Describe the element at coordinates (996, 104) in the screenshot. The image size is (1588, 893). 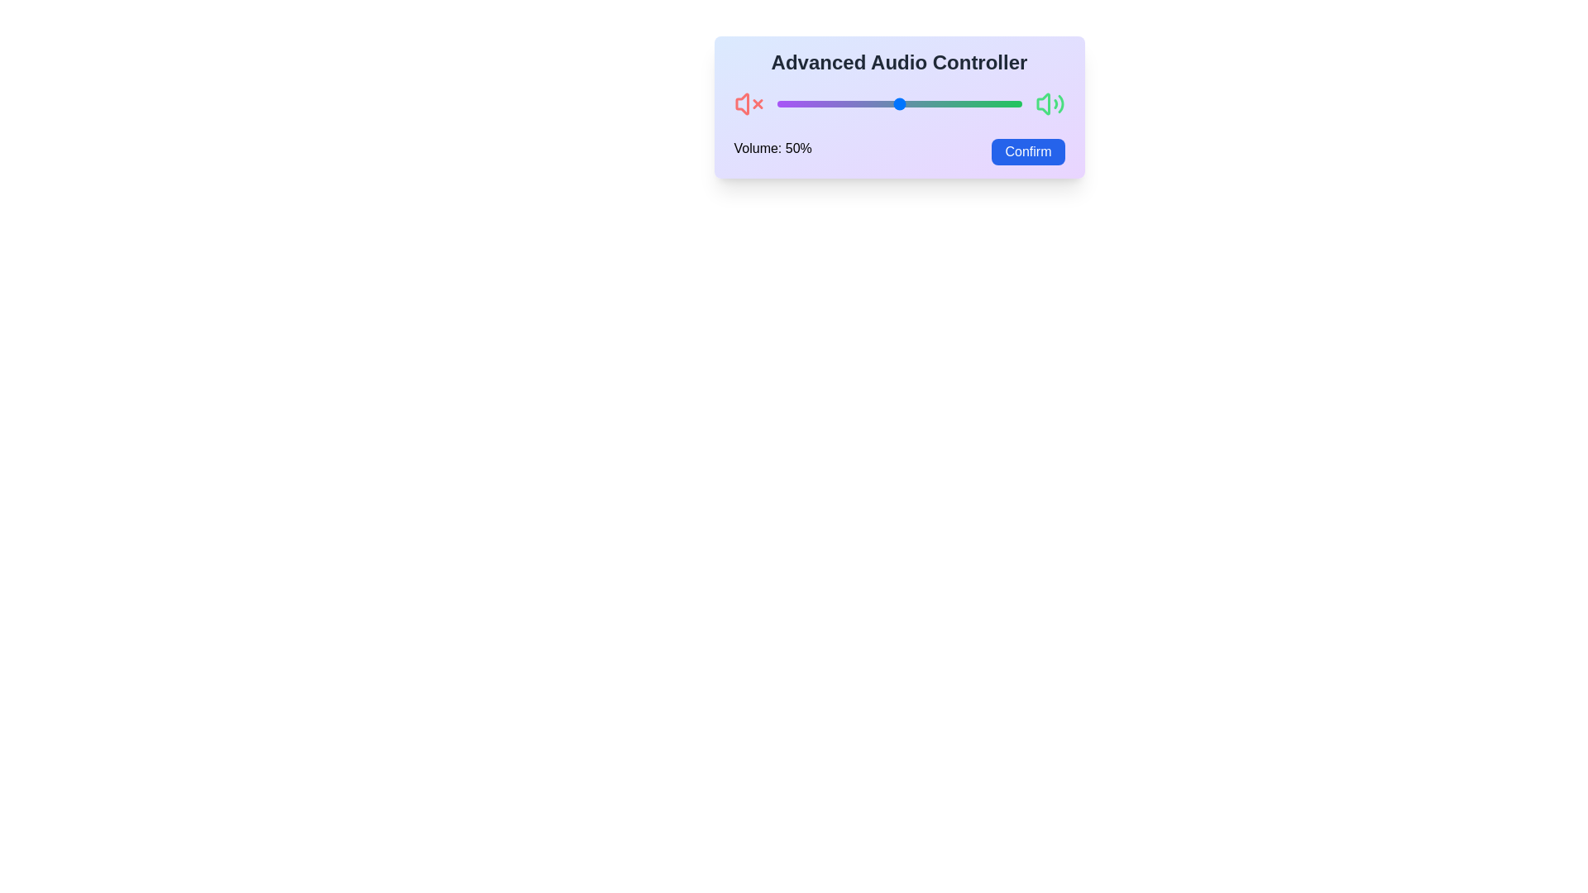
I see `the volume slider to set the volume to 90%` at that location.